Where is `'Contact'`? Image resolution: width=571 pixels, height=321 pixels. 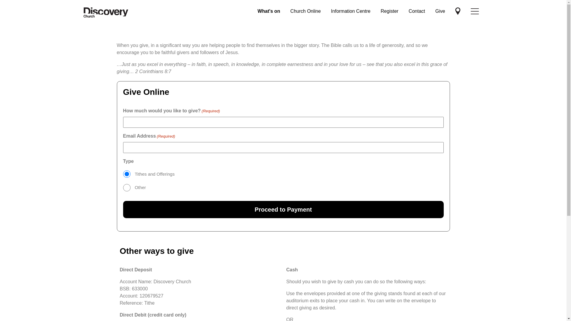 'Contact' is located at coordinates (416, 11).